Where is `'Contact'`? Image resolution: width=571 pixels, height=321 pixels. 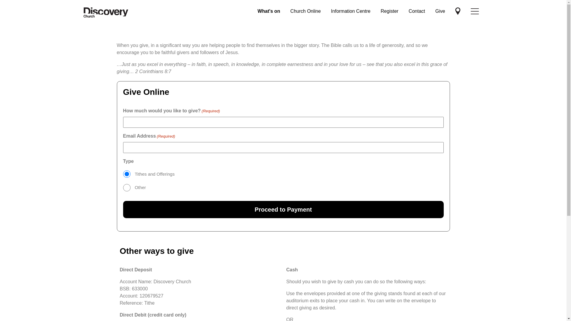 'Contact' is located at coordinates (416, 11).